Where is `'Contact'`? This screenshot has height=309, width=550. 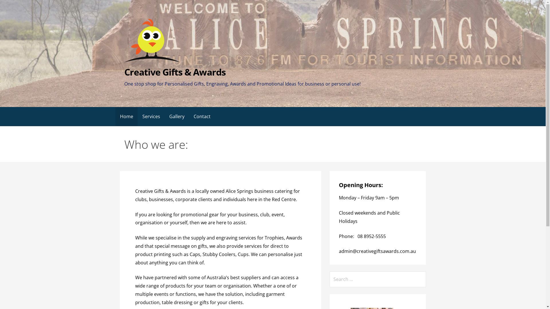
'Contact' is located at coordinates (202, 116).